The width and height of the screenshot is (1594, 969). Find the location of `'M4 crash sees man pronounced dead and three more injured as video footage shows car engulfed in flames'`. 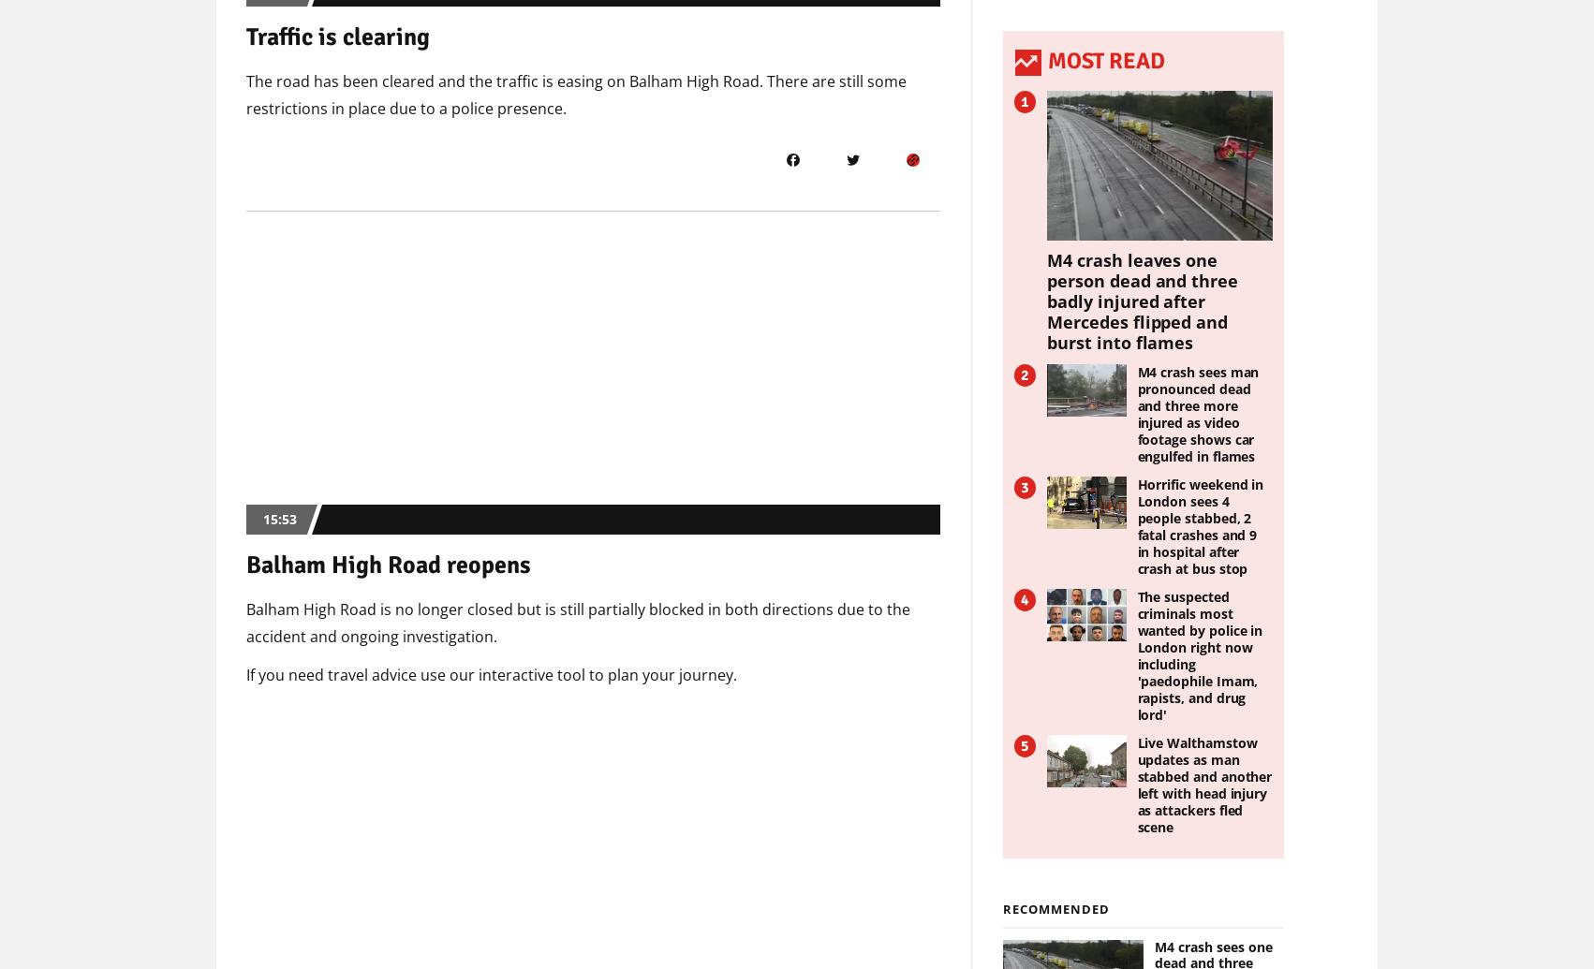

'M4 crash sees man pronounced dead and three more injured as video footage shows car engulfed in flames' is located at coordinates (1197, 413).